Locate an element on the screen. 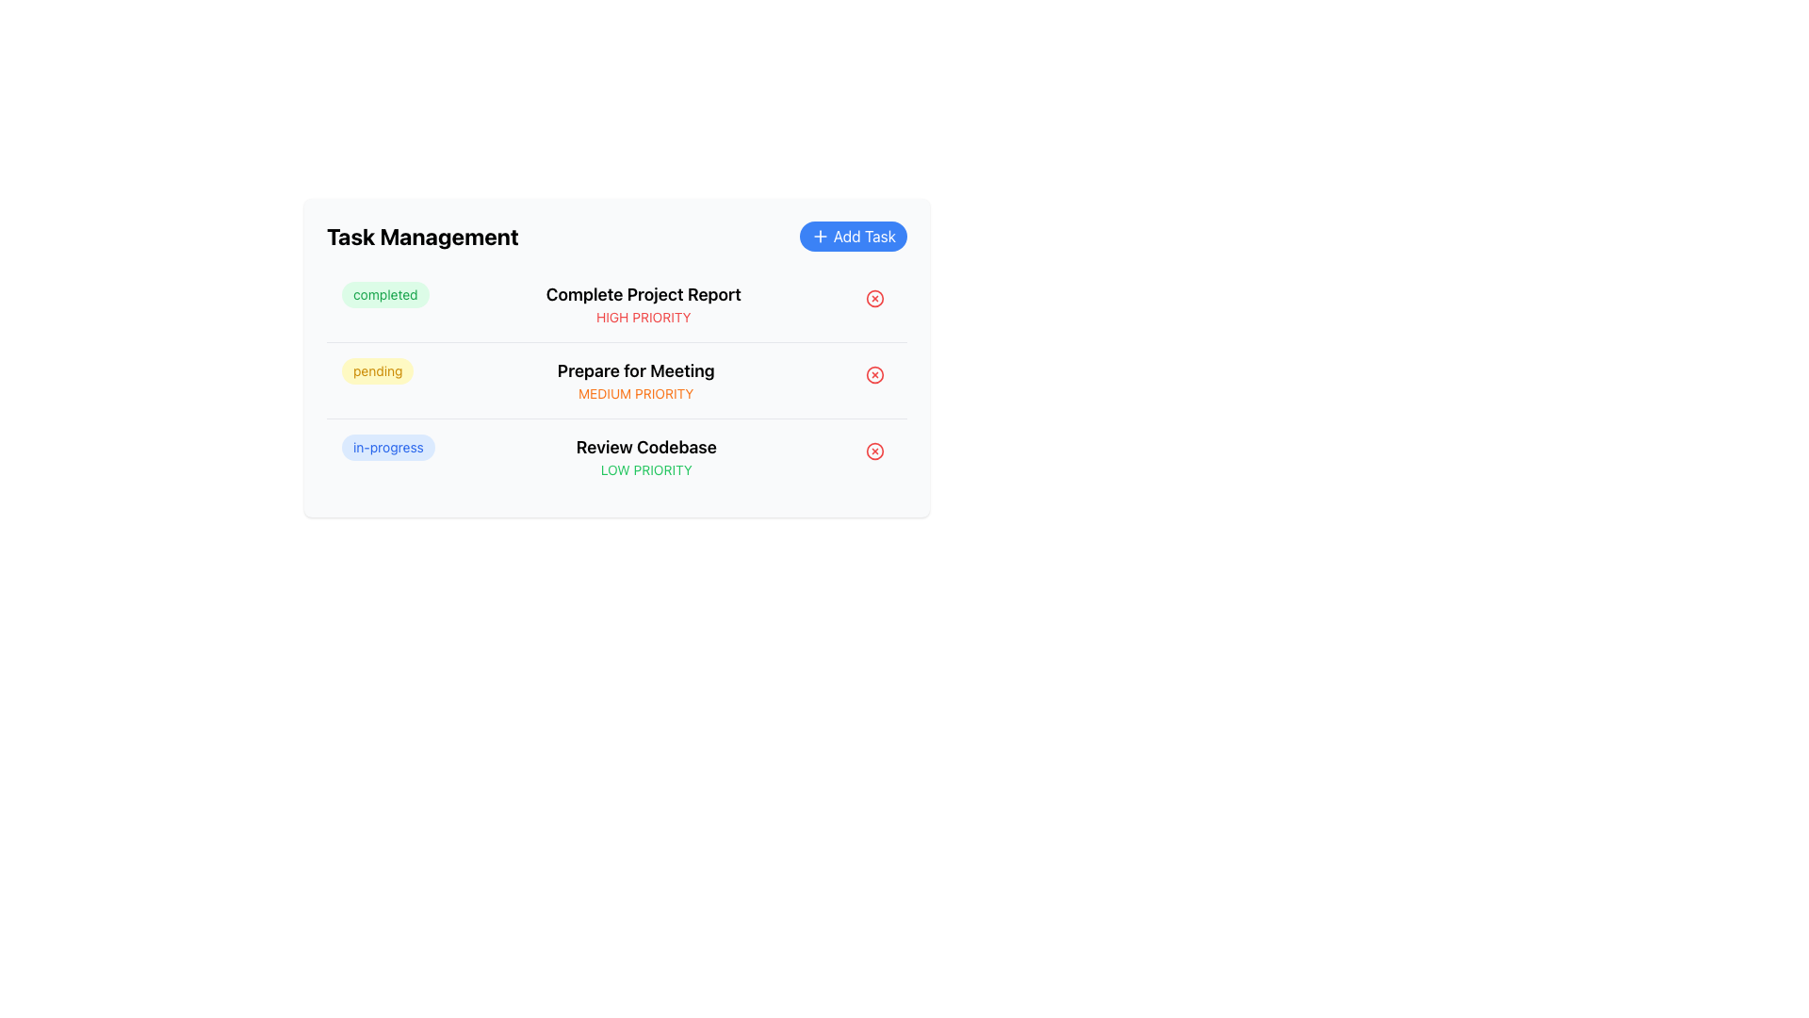 The height and width of the screenshot is (1018, 1809). the delete button associated with the 'Review Codebase' task is located at coordinates (874, 451).